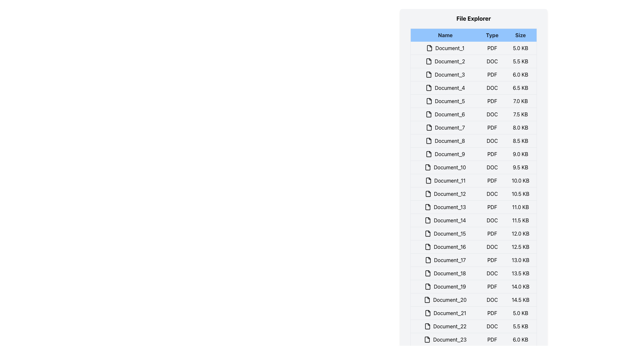  I want to click on the eleventh file entry in the file explorer, so click(474, 181).